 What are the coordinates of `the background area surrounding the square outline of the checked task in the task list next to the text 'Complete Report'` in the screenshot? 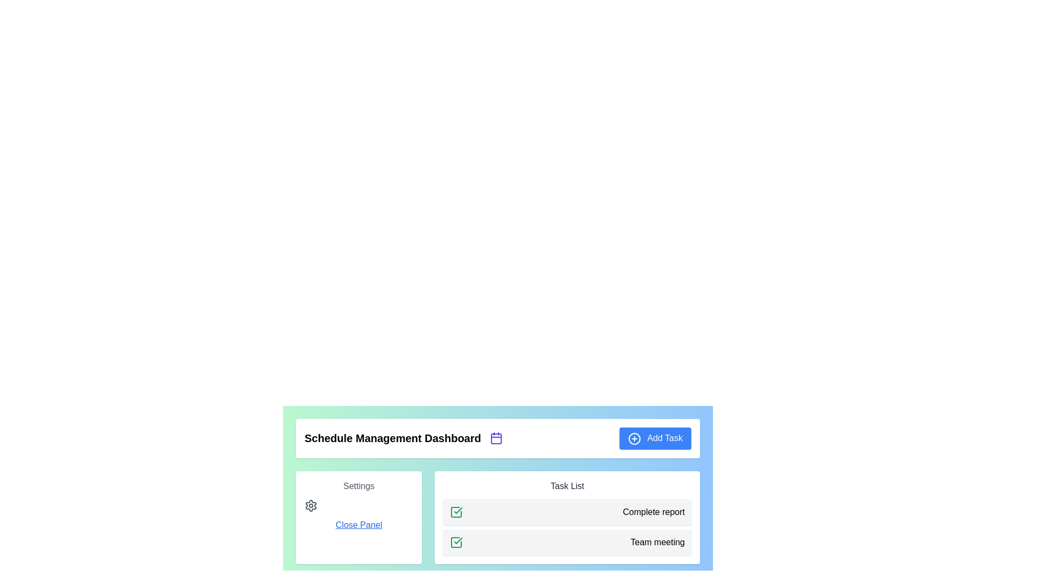 It's located at (456, 542).